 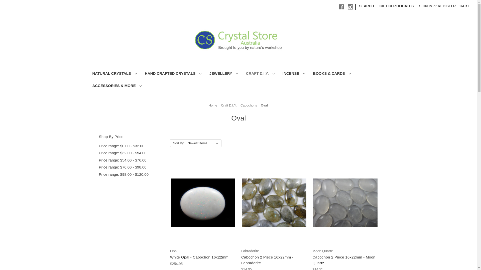 I want to click on 'Cabochons', so click(x=249, y=105).